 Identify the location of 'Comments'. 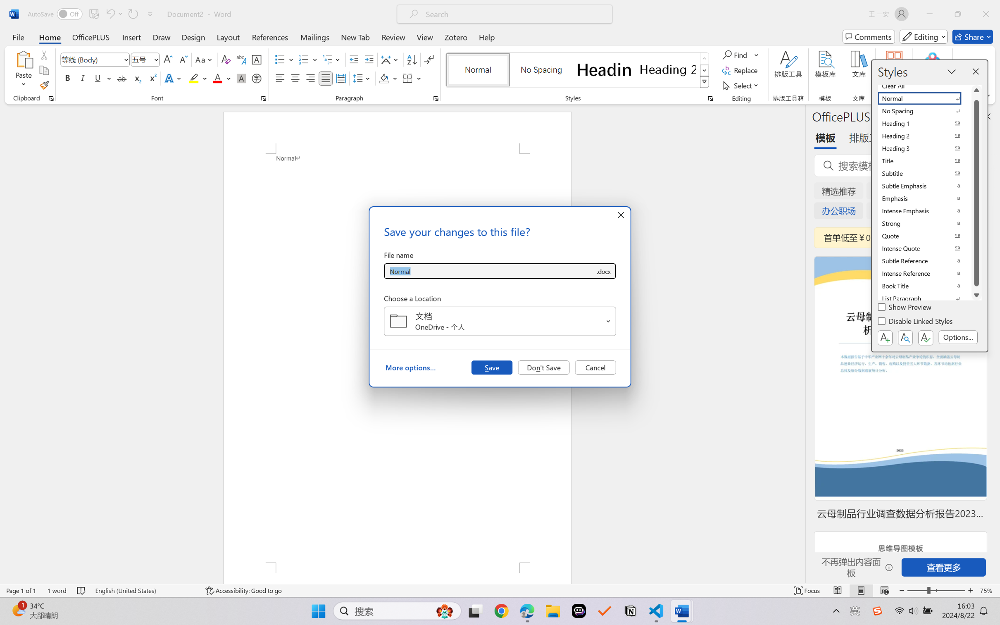
(869, 36).